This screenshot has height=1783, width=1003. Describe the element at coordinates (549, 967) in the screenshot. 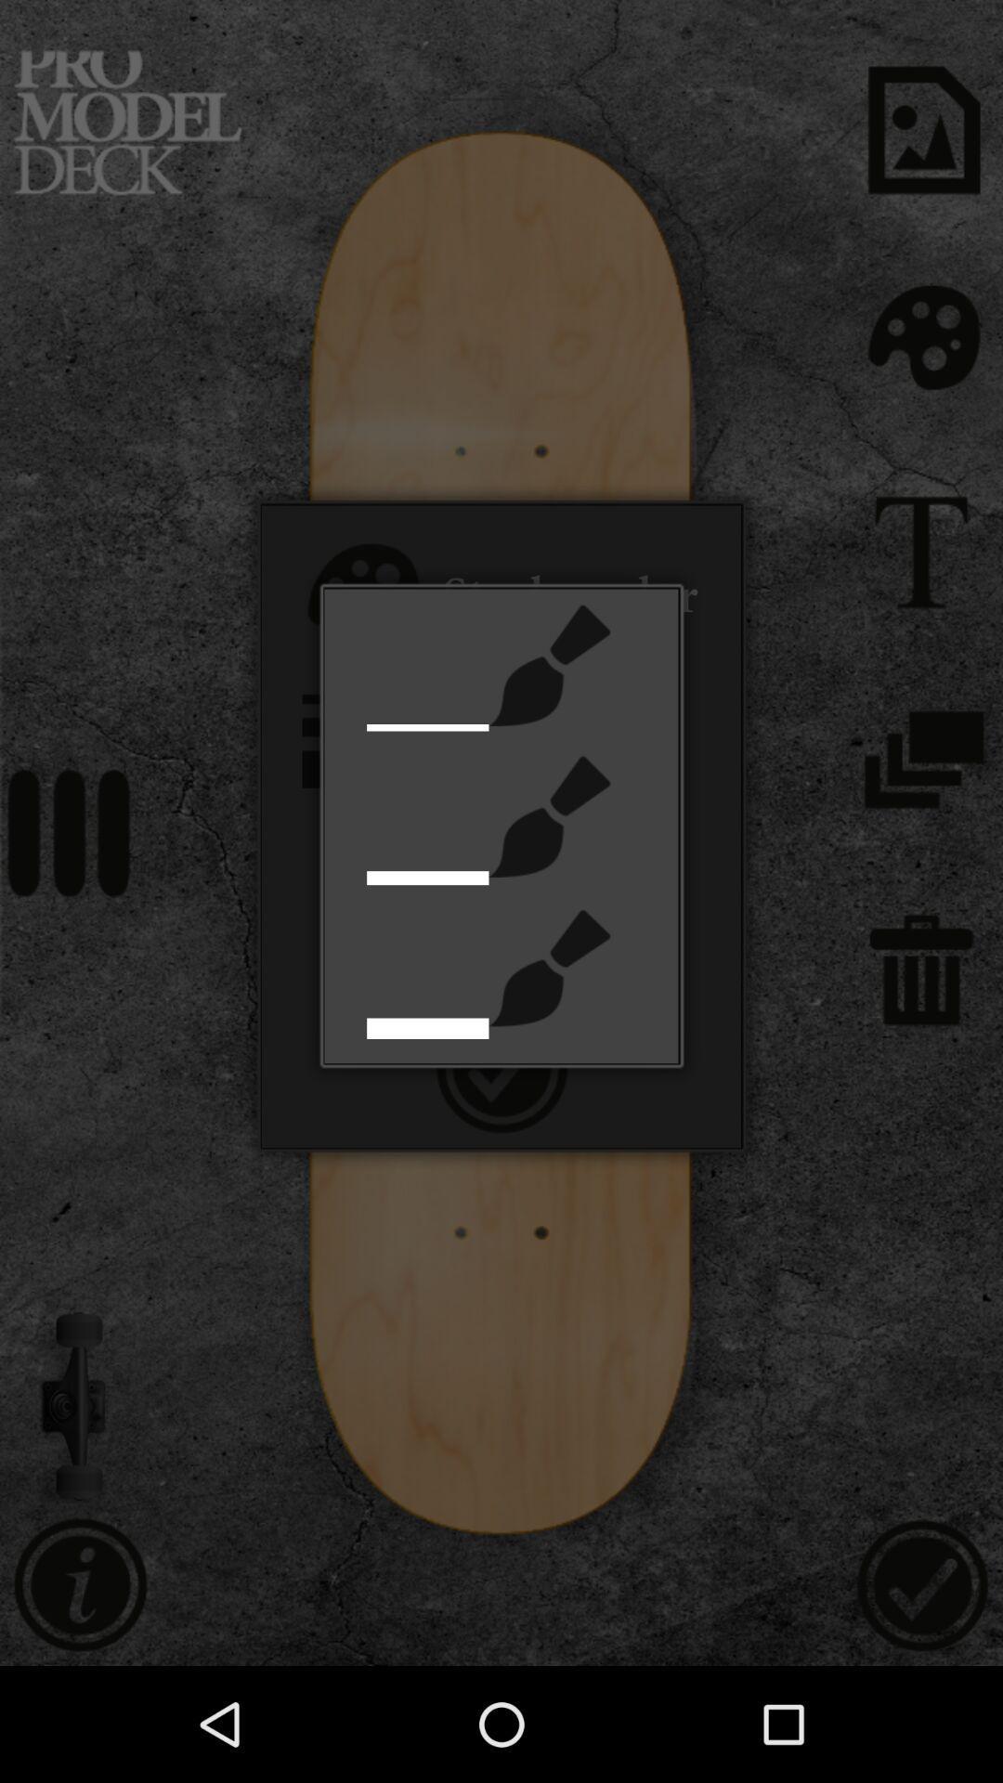

I see `paintbrush options` at that location.